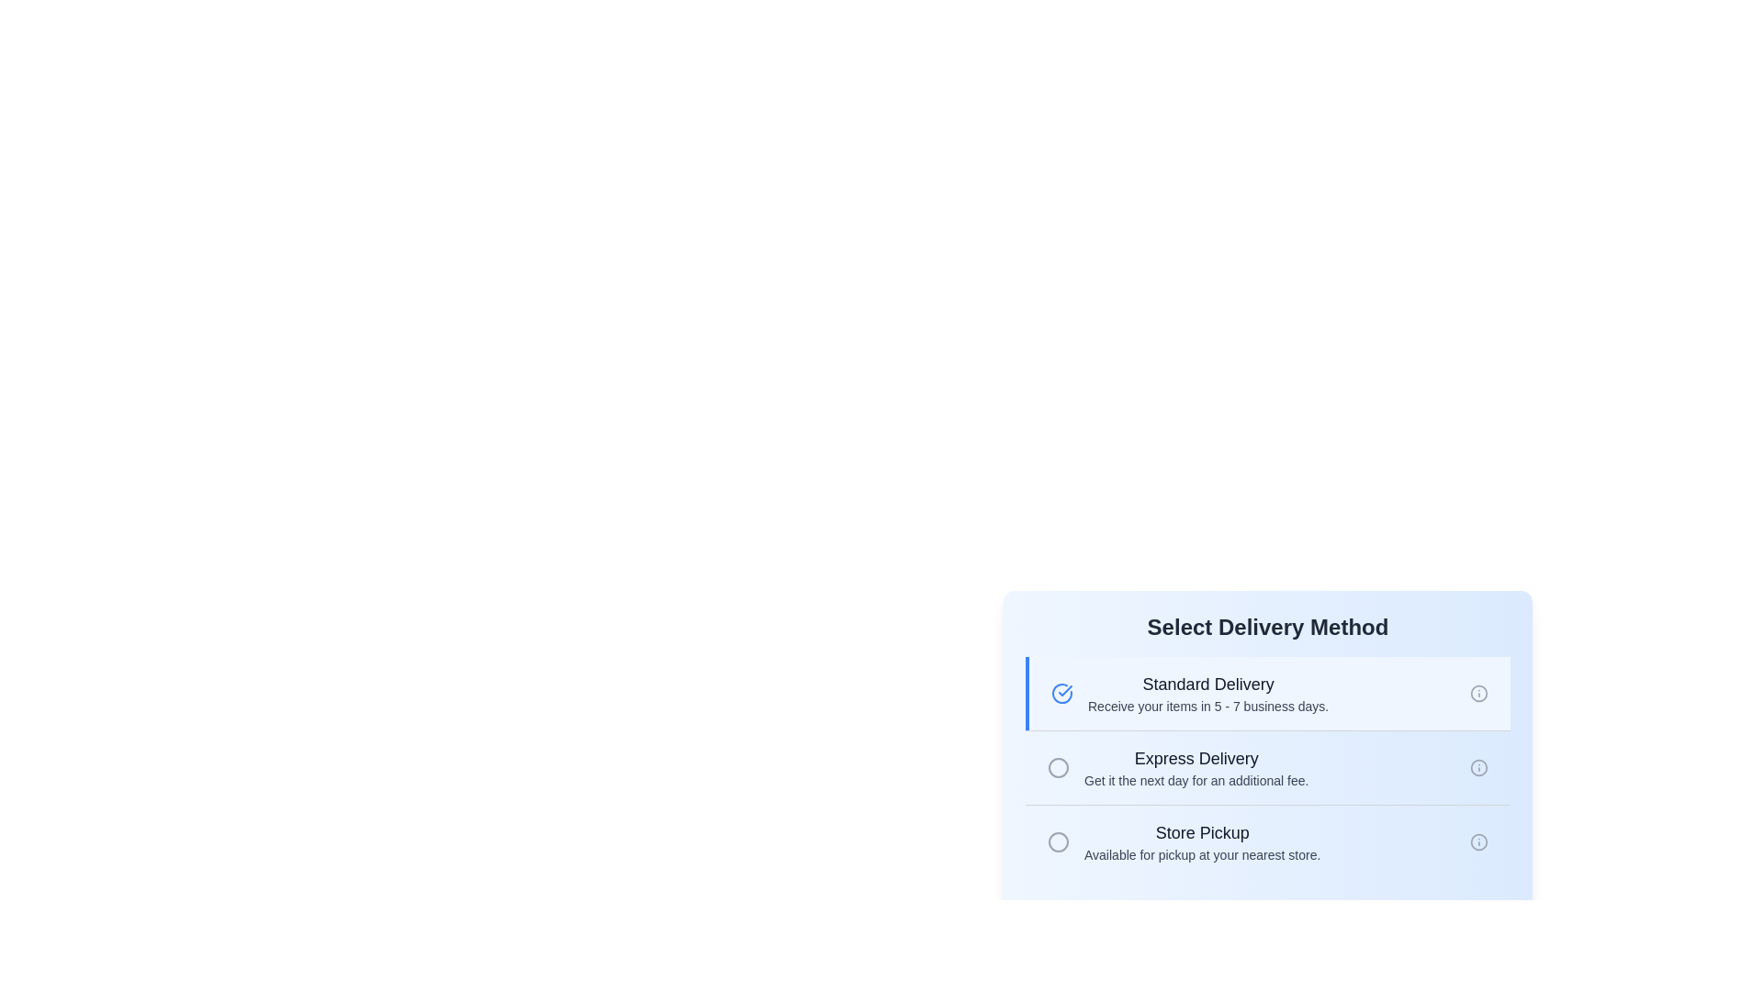 The image size is (1763, 991). I want to click on the radio button, so click(1267, 770).